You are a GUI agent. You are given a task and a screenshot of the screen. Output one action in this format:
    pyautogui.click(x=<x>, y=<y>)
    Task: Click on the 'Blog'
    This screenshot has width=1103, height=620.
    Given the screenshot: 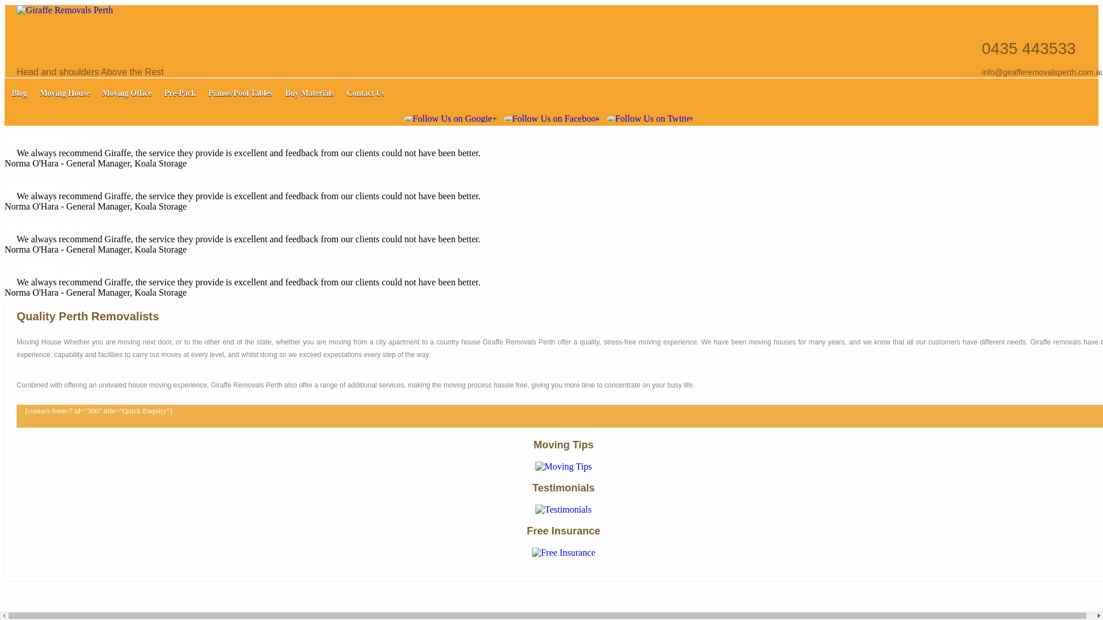 What is the action you would take?
    pyautogui.click(x=19, y=92)
    